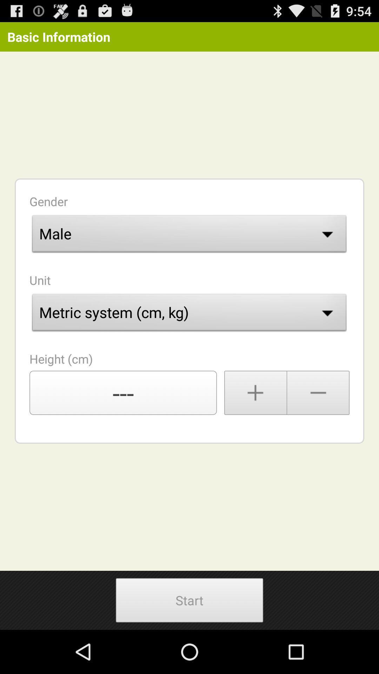 The image size is (379, 674). Describe the element at coordinates (255, 392) in the screenshot. I see `raise height number` at that location.